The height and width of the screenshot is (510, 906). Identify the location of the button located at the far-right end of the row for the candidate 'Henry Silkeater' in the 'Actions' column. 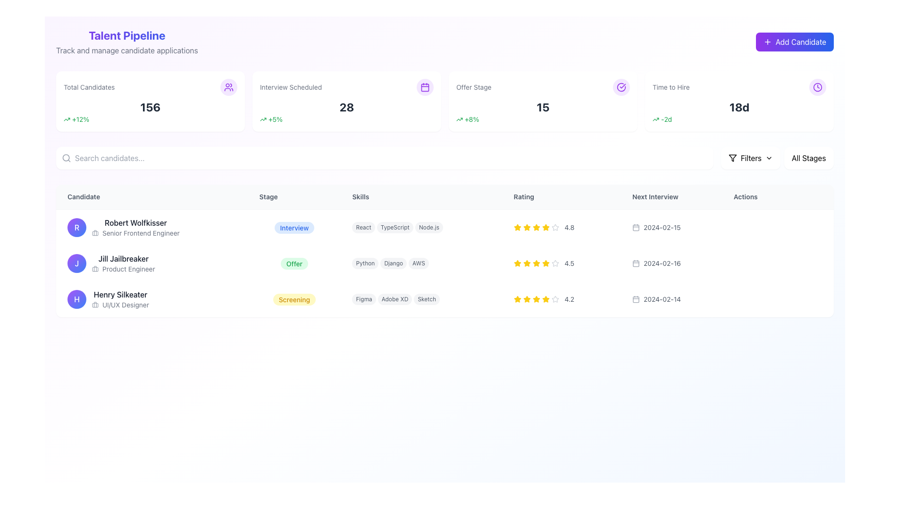
(781, 299).